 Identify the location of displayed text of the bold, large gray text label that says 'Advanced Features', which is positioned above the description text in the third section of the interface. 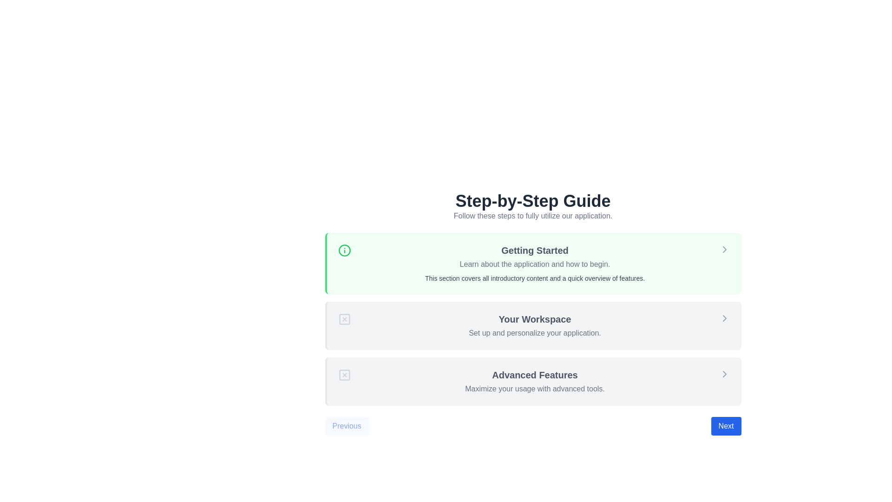
(535, 374).